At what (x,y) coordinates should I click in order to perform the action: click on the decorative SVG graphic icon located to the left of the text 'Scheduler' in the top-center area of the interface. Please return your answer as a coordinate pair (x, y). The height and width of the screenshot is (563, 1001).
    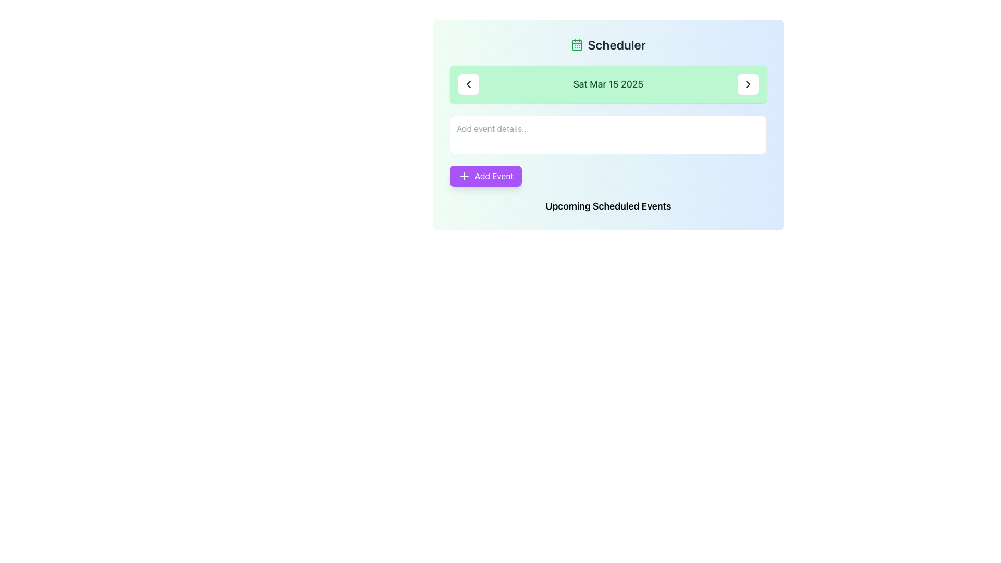
    Looking at the image, I should click on (577, 44).